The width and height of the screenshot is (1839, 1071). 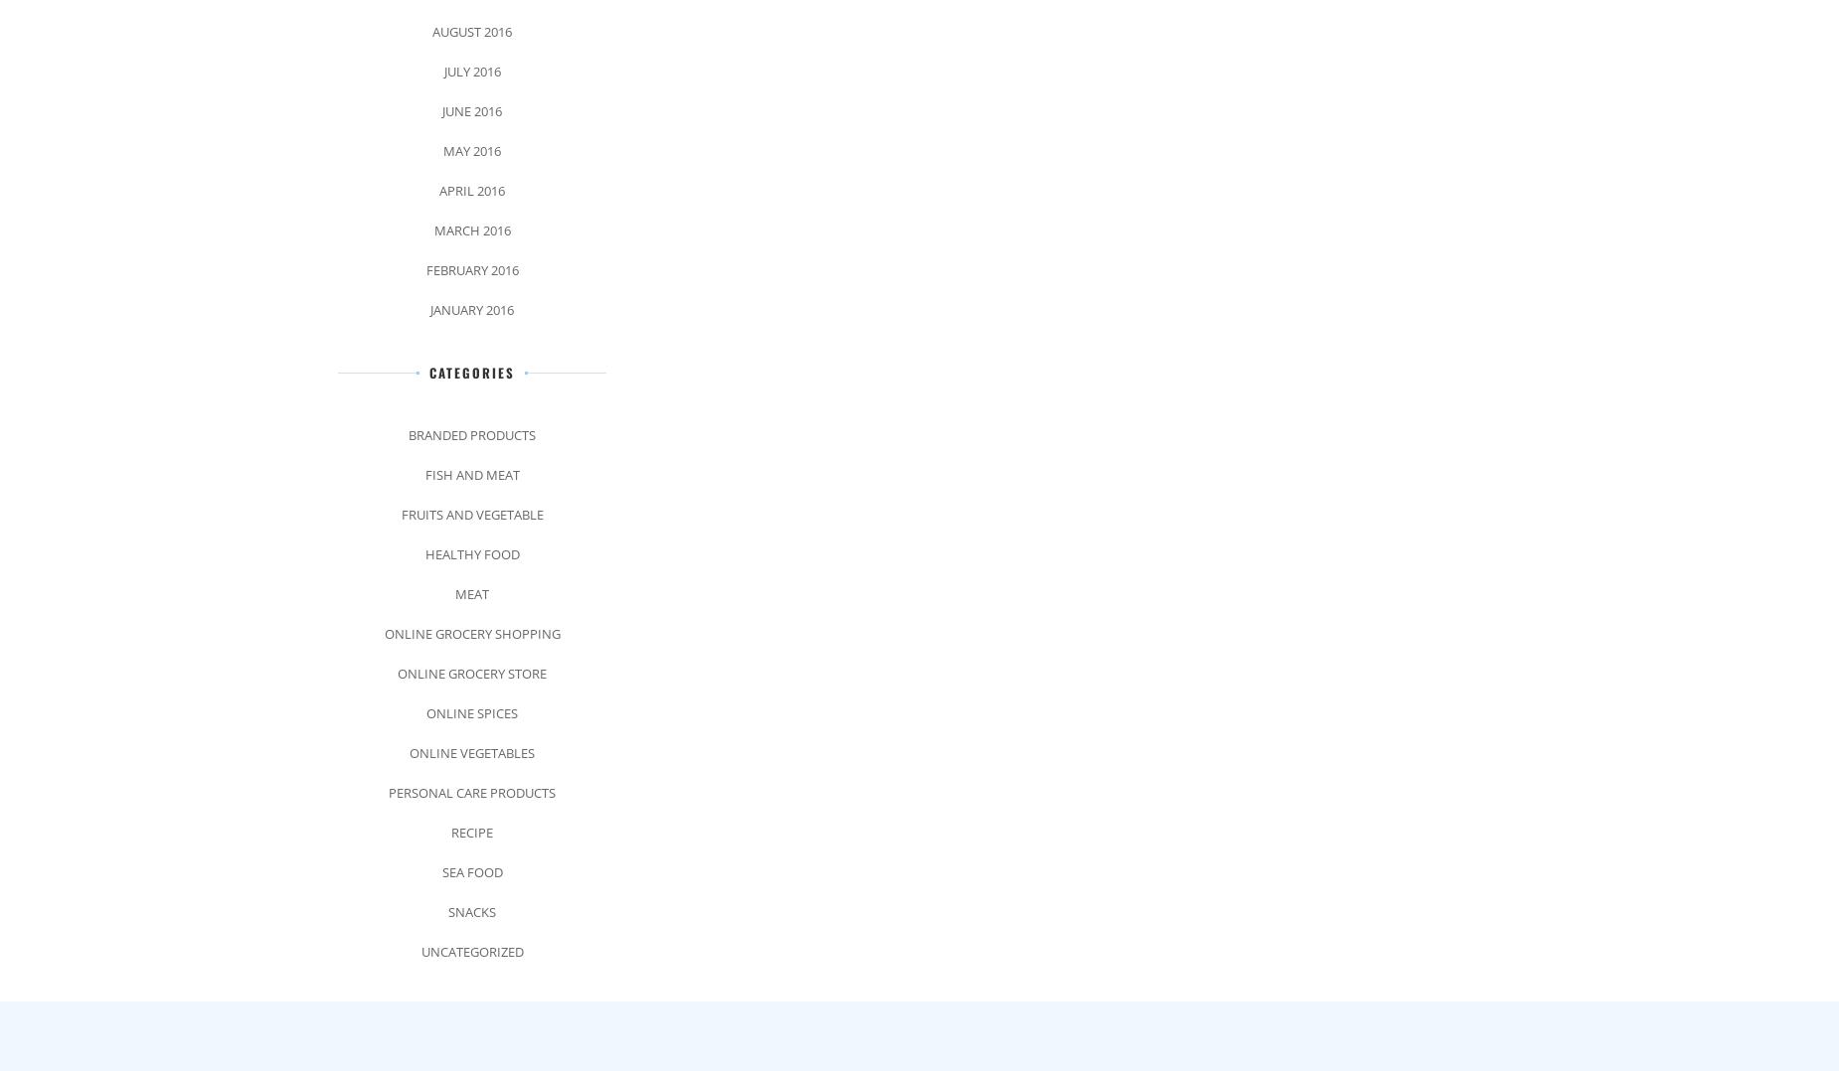 What do you see at coordinates (472, 308) in the screenshot?
I see `'January 2016'` at bounding box center [472, 308].